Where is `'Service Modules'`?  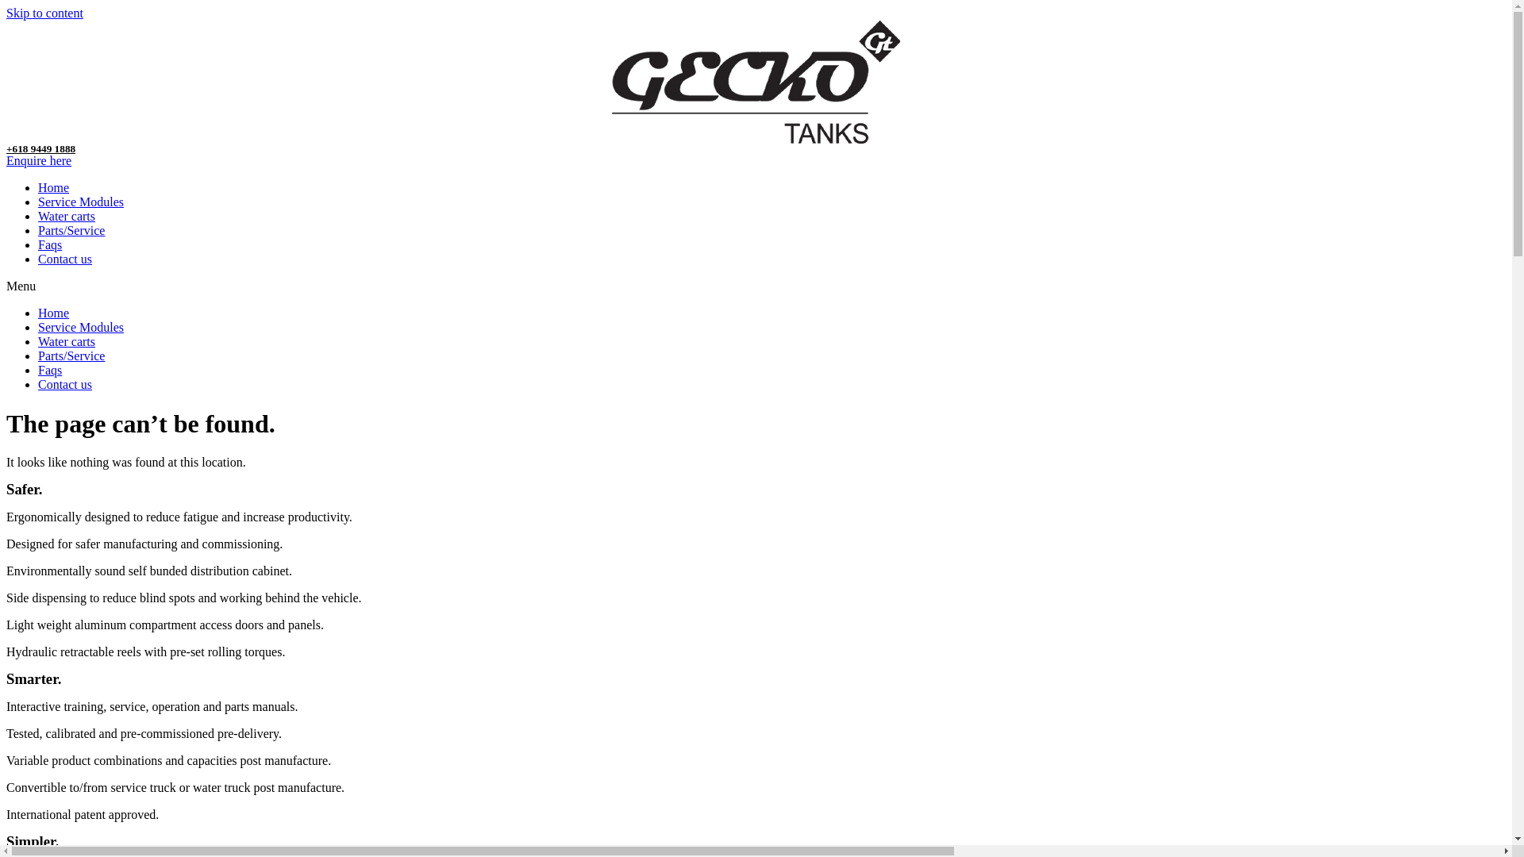 'Service Modules' is located at coordinates (79, 326).